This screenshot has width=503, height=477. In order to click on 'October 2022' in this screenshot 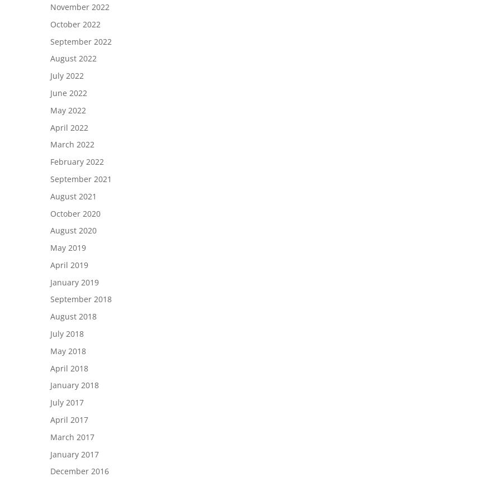, I will do `click(75, 23)`.